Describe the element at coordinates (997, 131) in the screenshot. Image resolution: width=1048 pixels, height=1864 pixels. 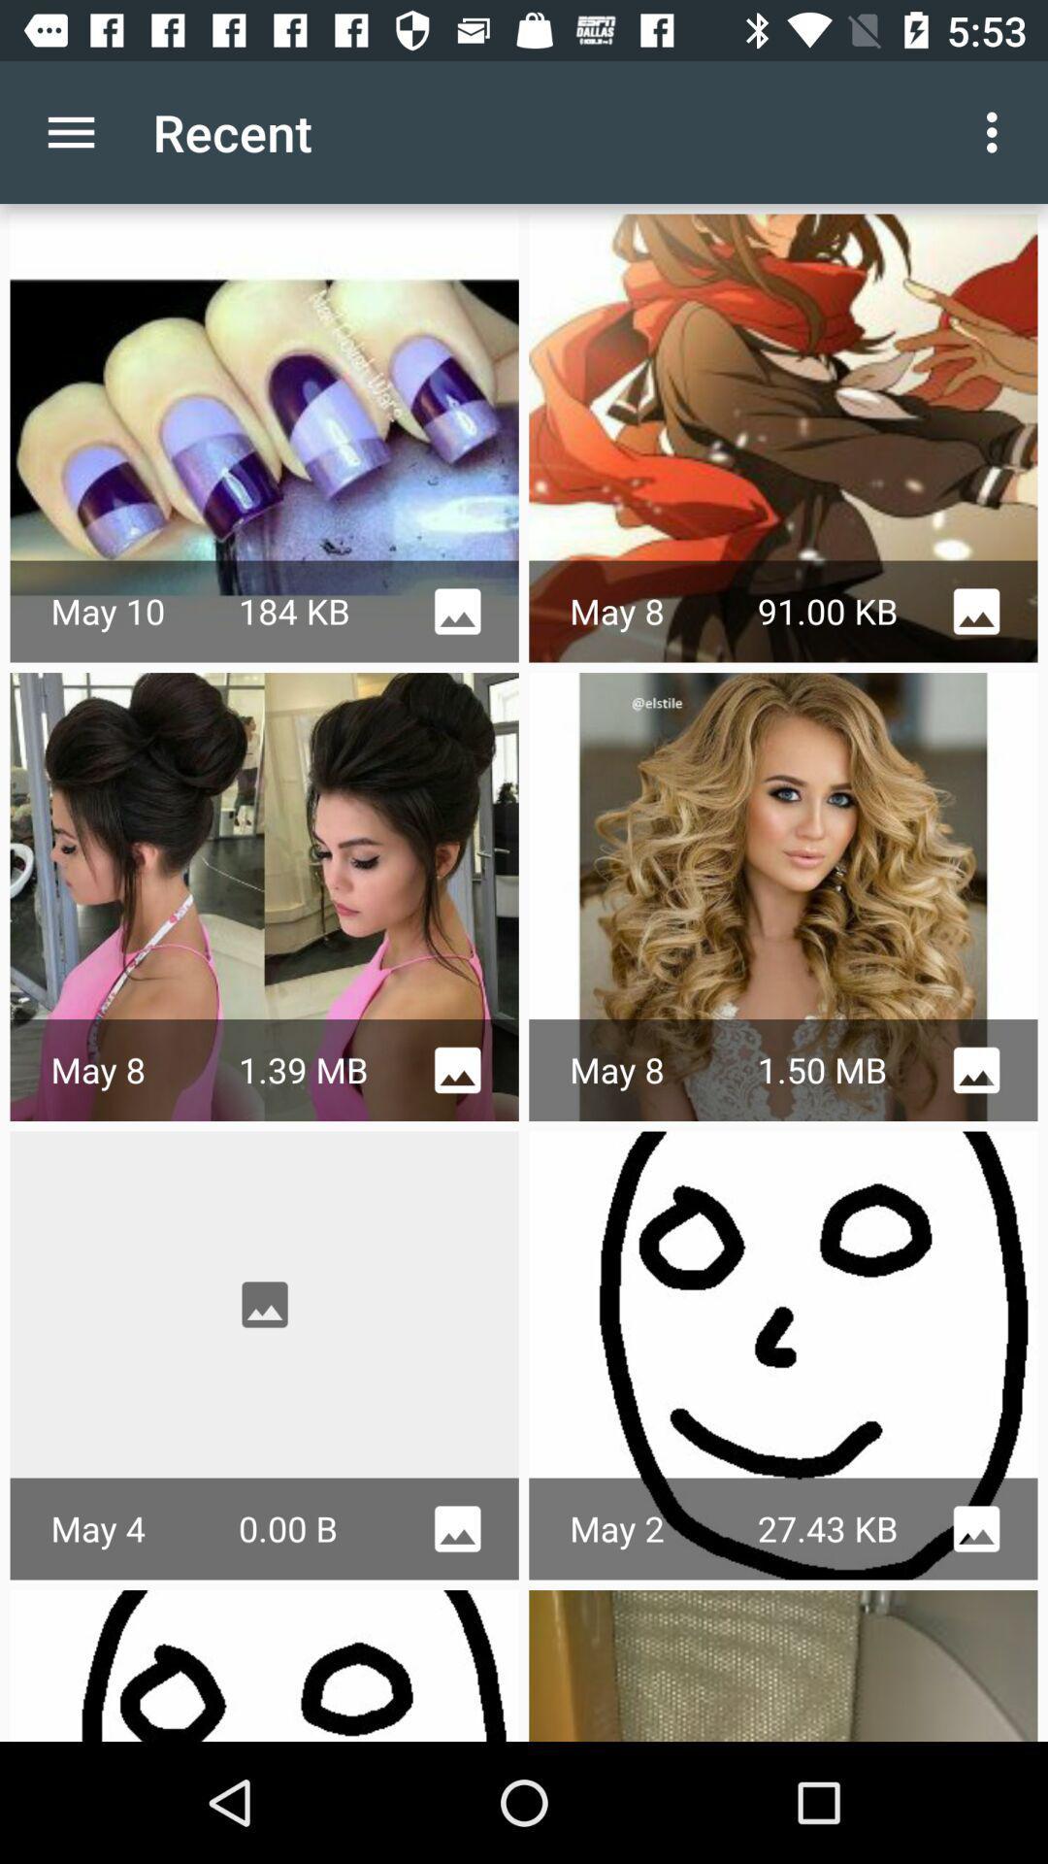
I see `the app next to the recent item` at that location.